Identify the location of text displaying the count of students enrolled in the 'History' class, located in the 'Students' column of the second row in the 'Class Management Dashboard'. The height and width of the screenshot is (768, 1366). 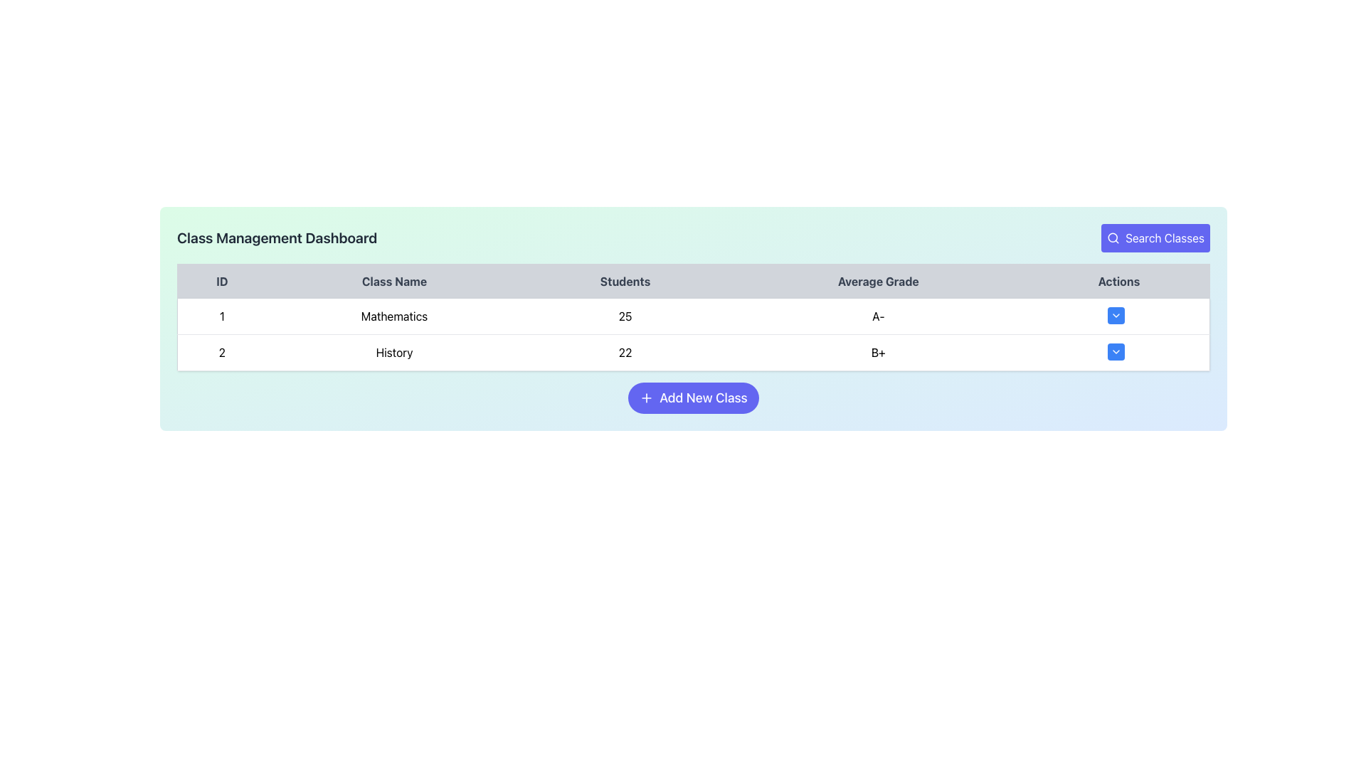
(625, 352).